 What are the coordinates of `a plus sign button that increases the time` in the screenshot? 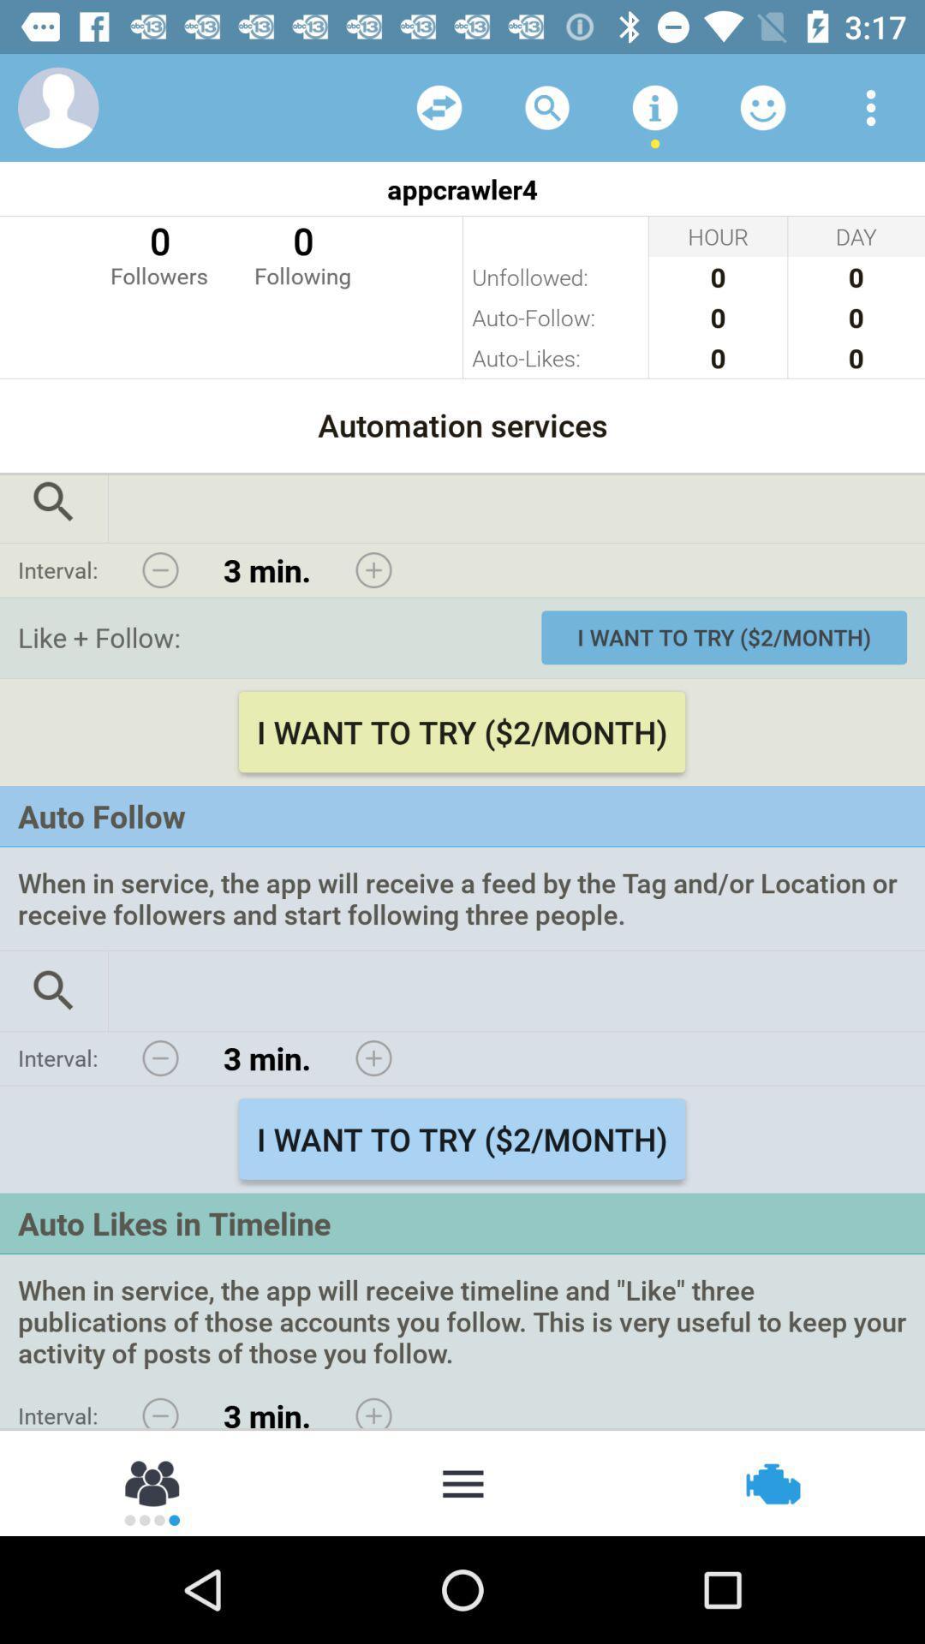 It's located at (373, 1409).